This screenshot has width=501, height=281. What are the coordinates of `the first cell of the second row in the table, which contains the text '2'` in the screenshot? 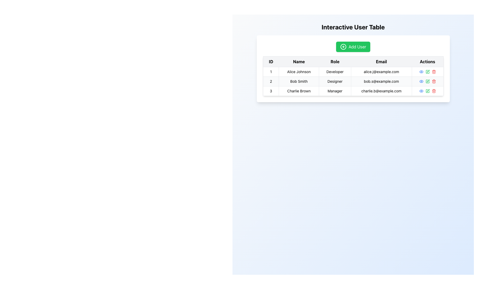 It's located at (271, 81).